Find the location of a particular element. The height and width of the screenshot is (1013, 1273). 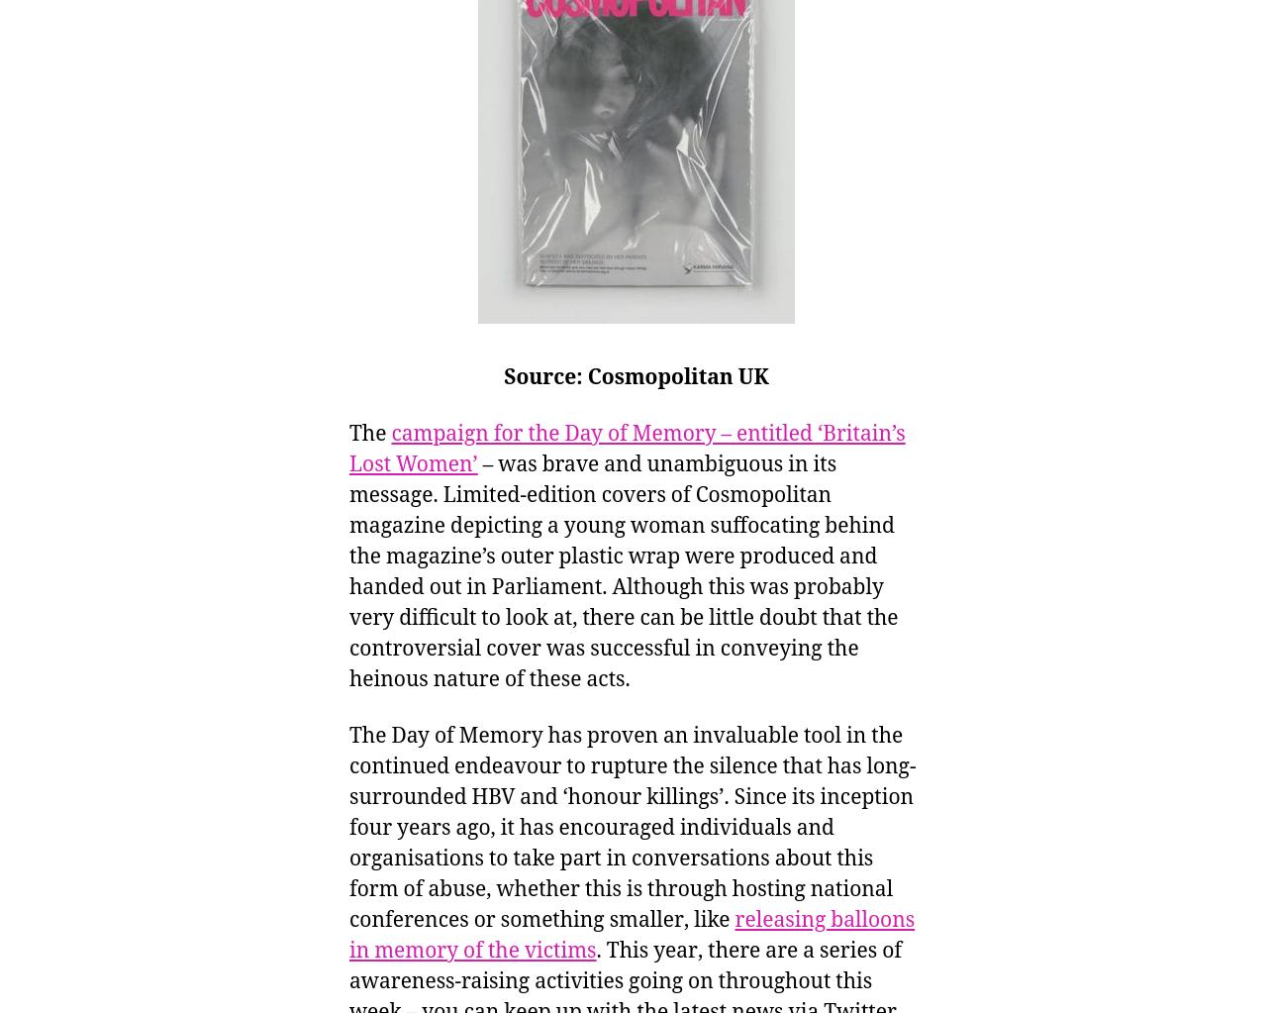

'Unless otherwise stated images are © University of Manchester, all rights reserved' is located at coordinates (292, 210).